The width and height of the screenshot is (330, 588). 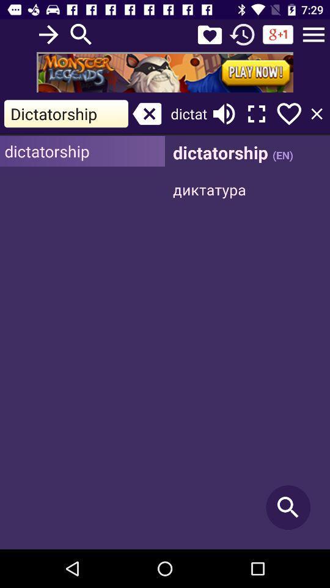 What do you see at coordinates (288, 113) in the screenshot?
I see `option` at bounding box center [288, 113].